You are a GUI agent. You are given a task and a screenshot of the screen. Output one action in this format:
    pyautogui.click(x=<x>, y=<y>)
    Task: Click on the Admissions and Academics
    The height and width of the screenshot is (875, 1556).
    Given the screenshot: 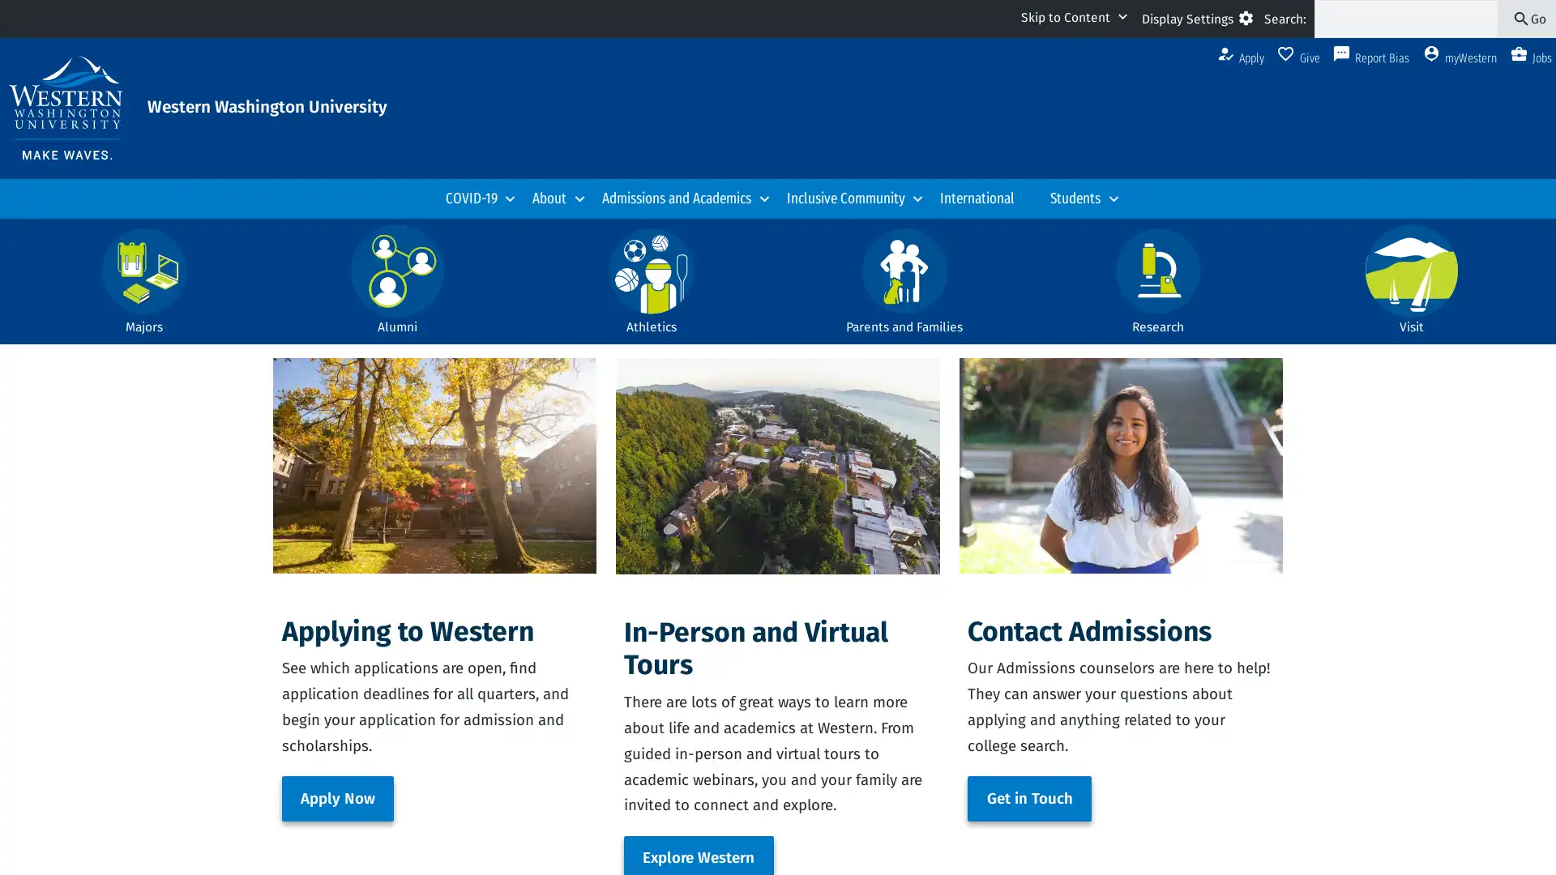 What is the action you would take?
    pyautogui.click(x=681, y=198)
    